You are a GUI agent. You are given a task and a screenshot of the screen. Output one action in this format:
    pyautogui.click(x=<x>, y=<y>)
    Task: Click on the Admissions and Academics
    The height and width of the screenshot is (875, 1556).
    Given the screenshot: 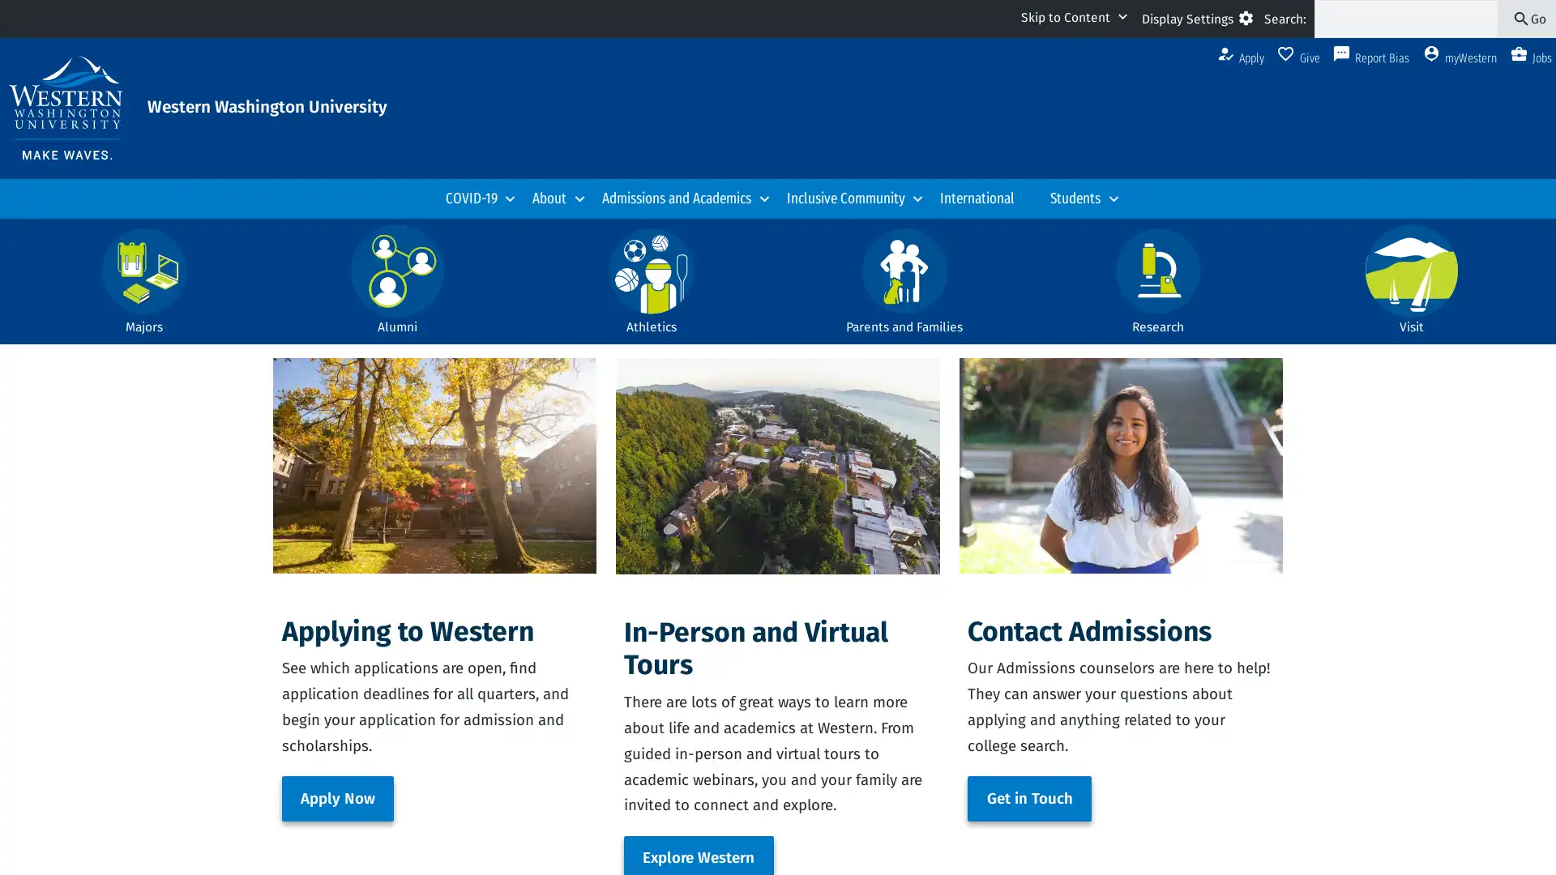 What is the action you would take?
    pyautogui.click(x=681, y=198)
    